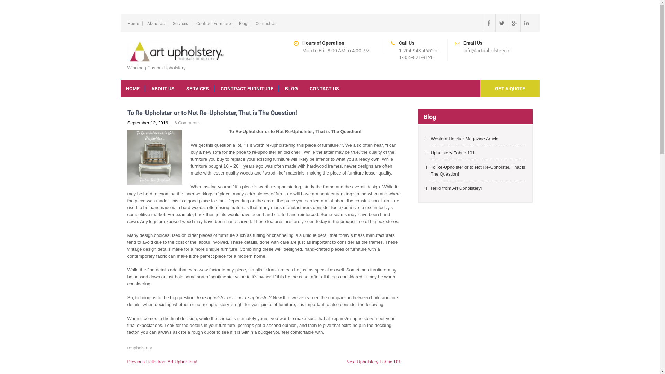  Describe the element at coordinates (323, 88) in the screenshot. I see `'CONTACT US'` at that location.